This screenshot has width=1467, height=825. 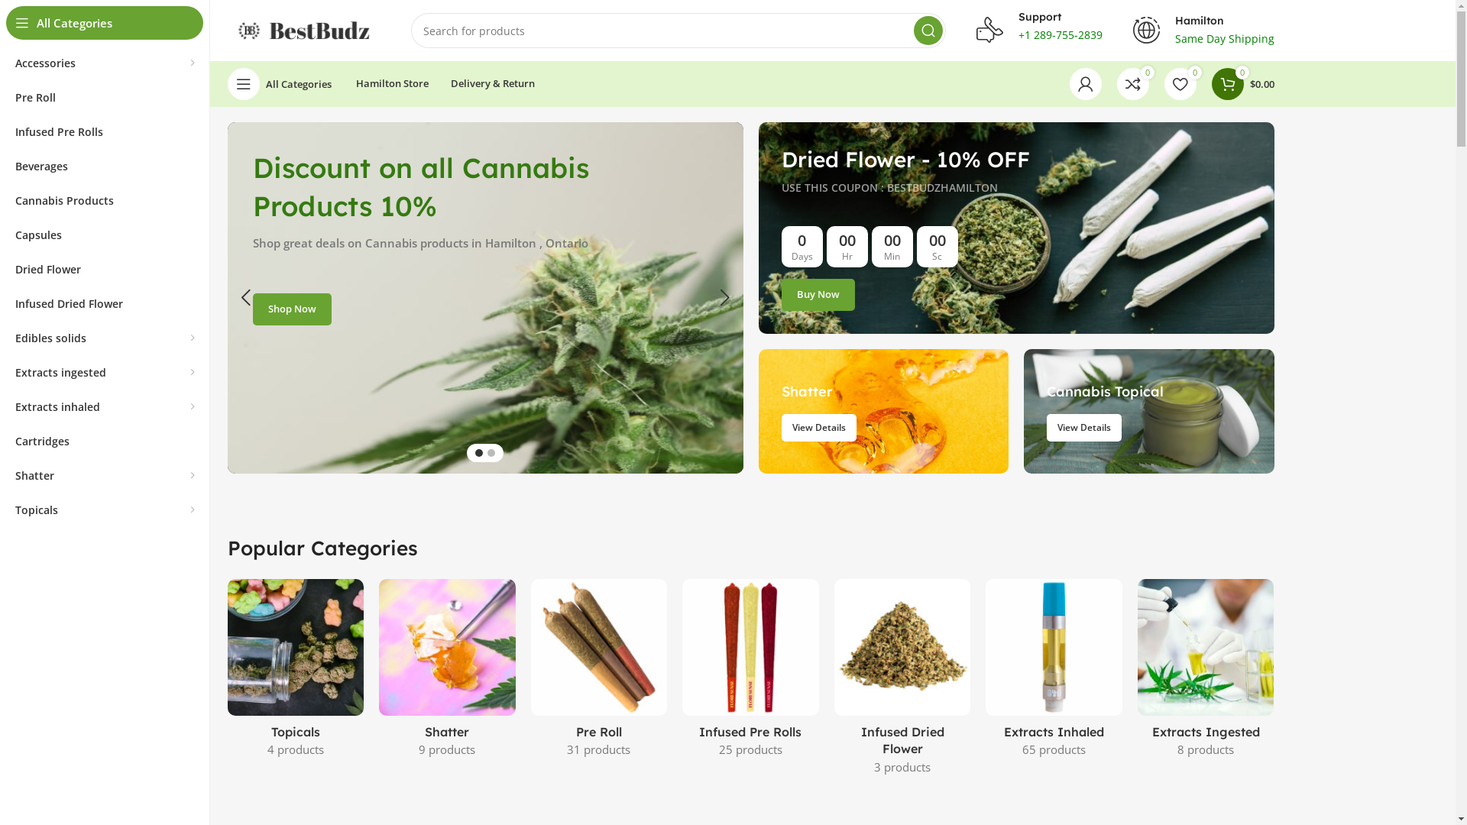 What do you see at coordinates (781, 294) in the screenshot?
I see `'Buy Now'` at bounding box center [781, 294].